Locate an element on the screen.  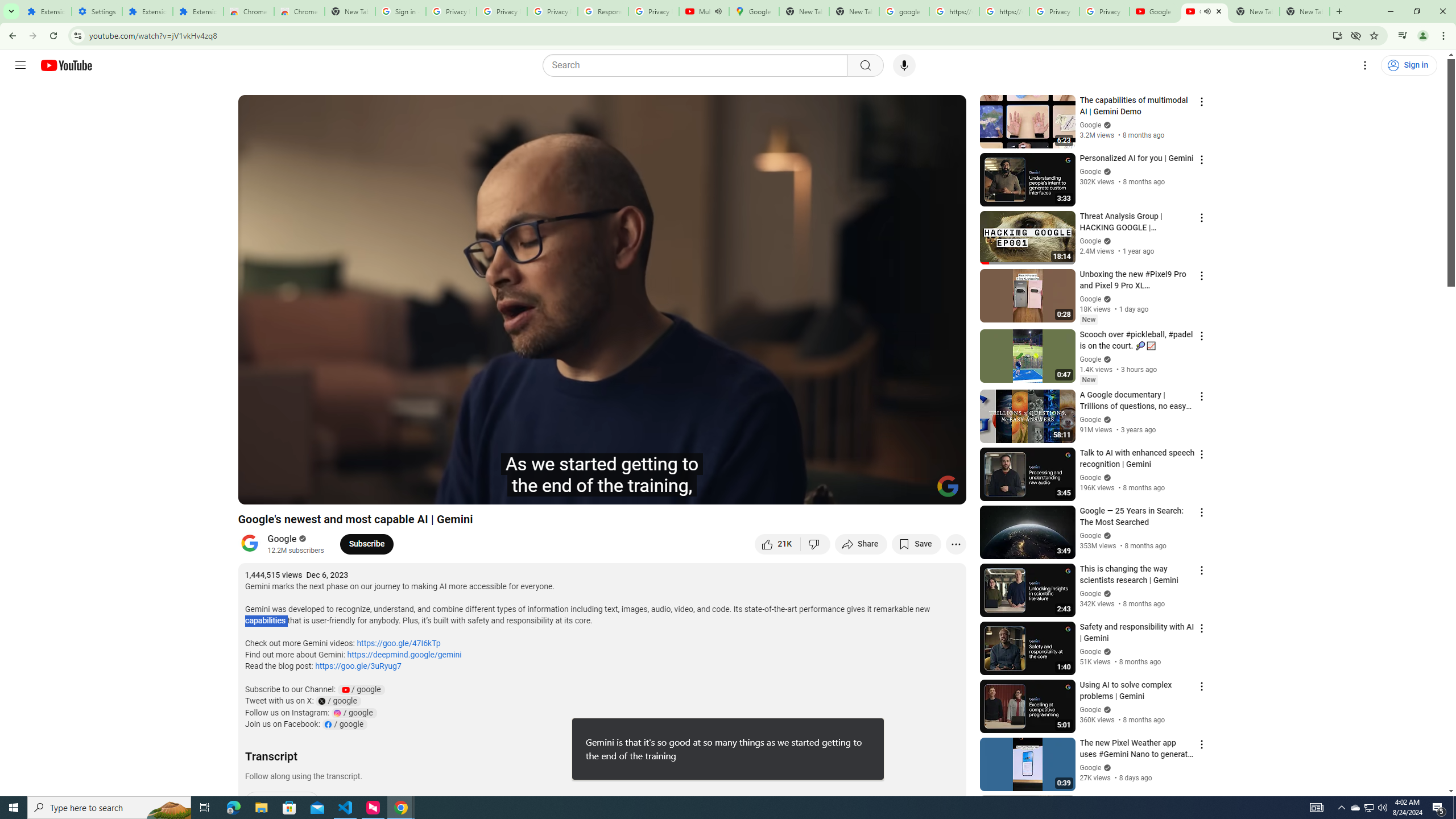
'Search with your voice' is located at coordinates (904, 65).